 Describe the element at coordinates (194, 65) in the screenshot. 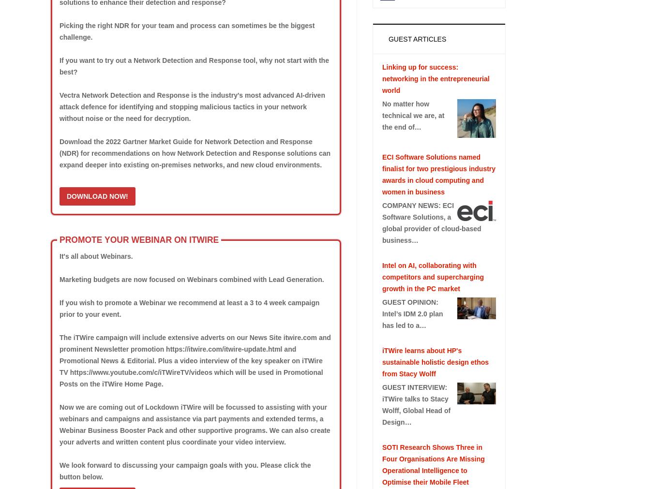

I see `'If you want to try out a Network Detection and Response tool, why not start with the best?'` at that location.